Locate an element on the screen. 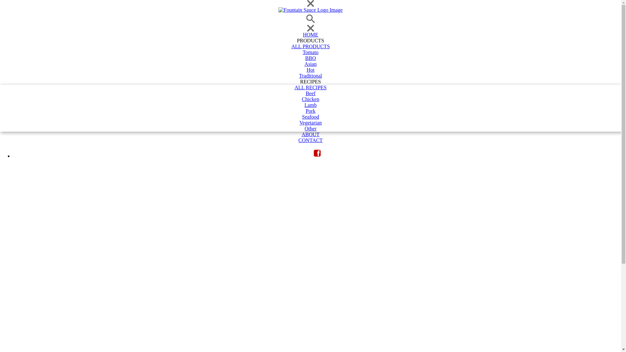 The height and width of the screenshot is (352, 626). 'Facebook' is located at coordinates (317, 153).